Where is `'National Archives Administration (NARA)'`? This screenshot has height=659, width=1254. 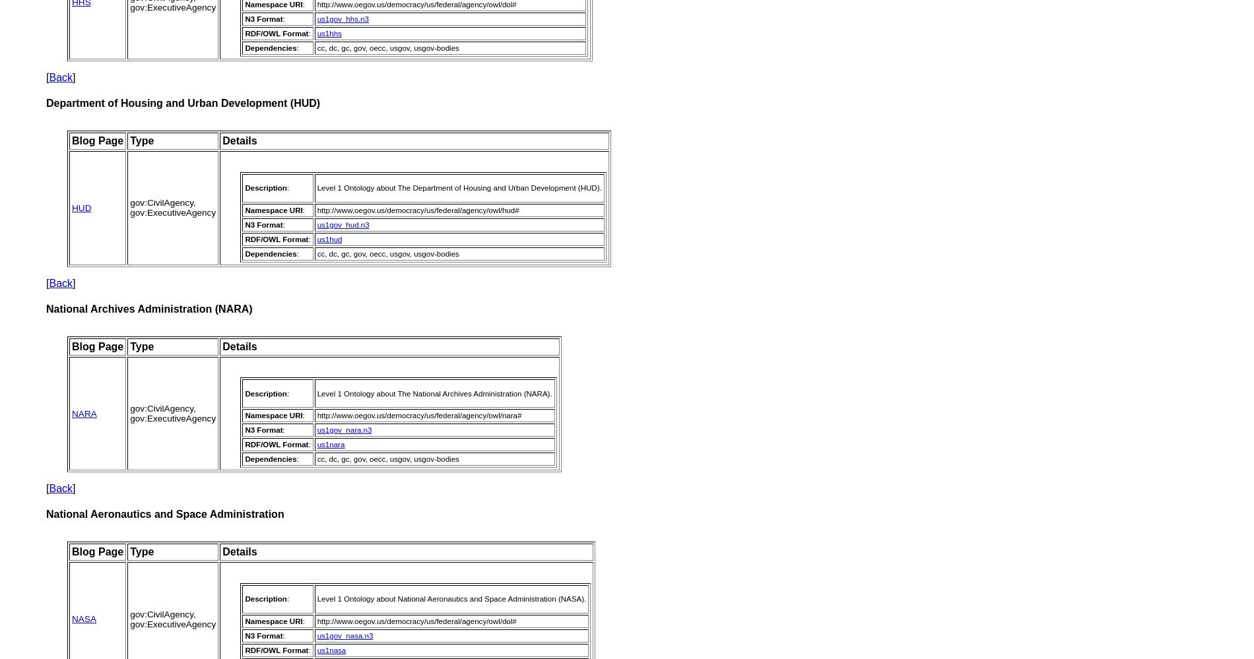 'National Archives Administration (NARA)' is located at coordinates (148, 308).